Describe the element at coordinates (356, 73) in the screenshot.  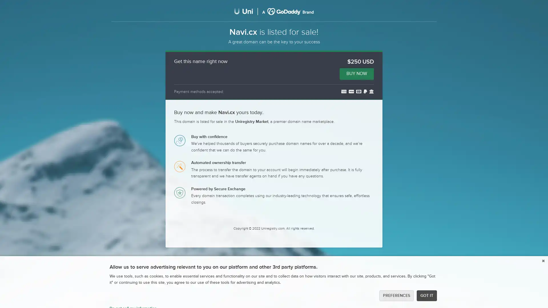
I see `BUY NOW` at that location.